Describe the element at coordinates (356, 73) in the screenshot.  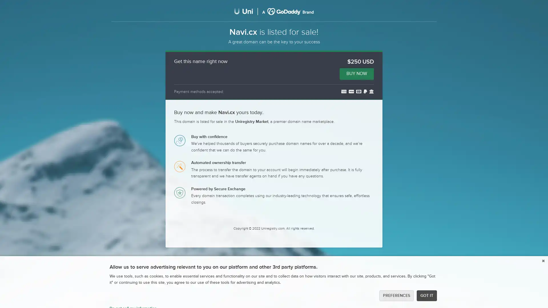
I see `BUY NOW` at that location.